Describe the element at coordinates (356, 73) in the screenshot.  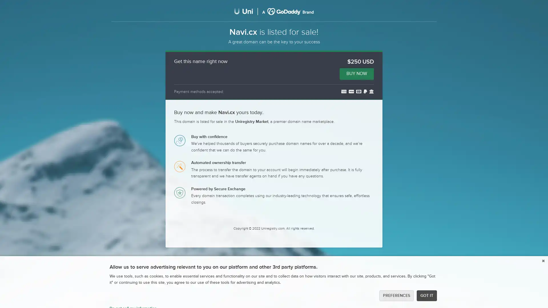
I see `BUY NOW` at that location.